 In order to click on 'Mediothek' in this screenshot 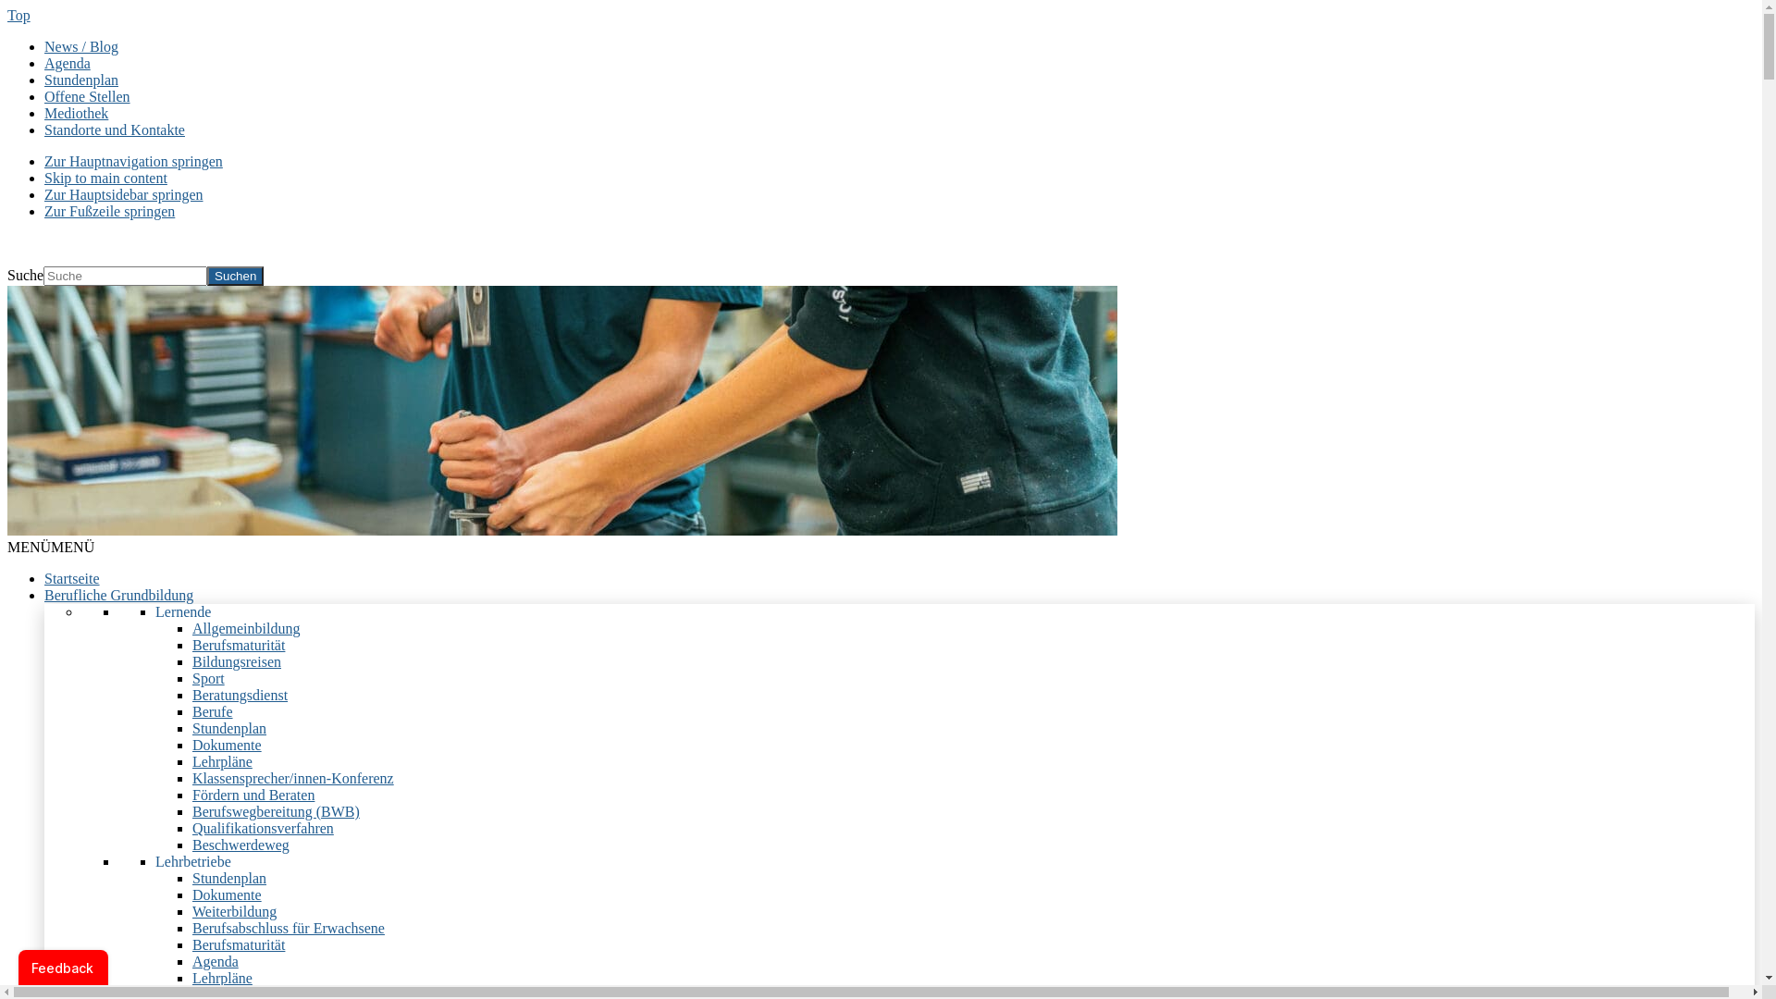, I will do `click(75, 113)`.